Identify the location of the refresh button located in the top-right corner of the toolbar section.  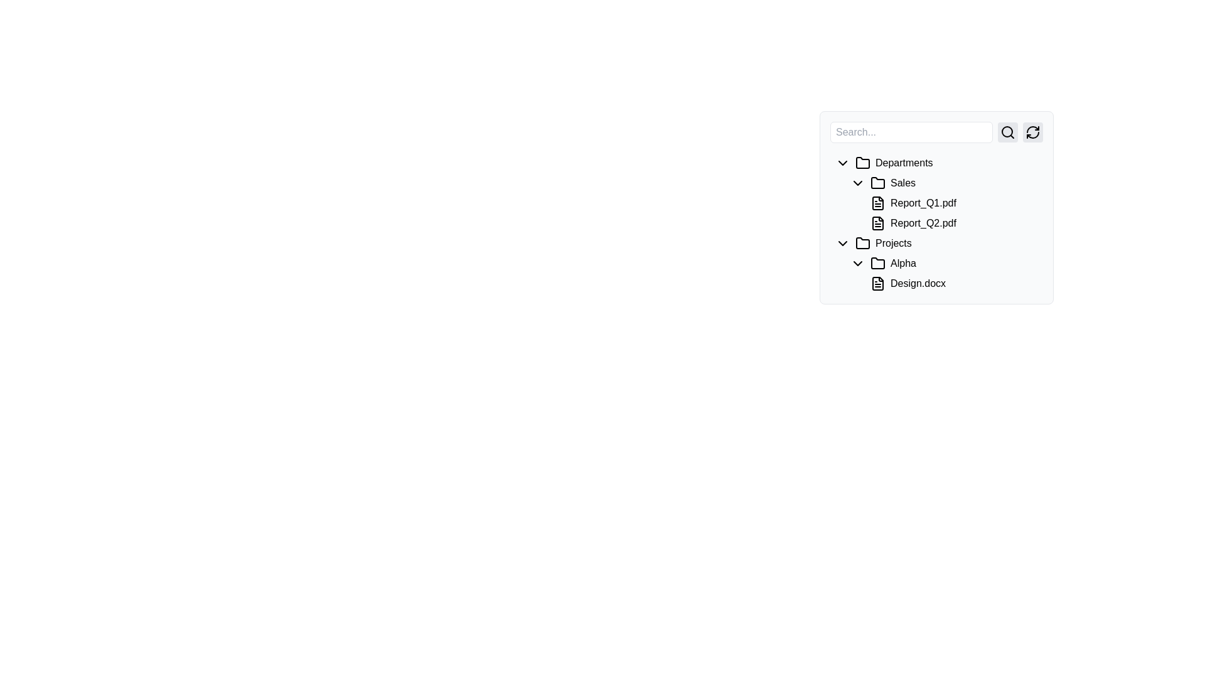
(1033, 132).